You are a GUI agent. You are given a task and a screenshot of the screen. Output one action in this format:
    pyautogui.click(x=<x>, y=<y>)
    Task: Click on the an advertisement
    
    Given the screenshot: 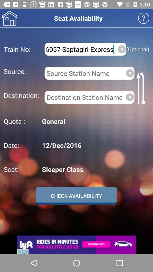 What is the action you would take?
    pyautogui.click(x=76, y=245)
    